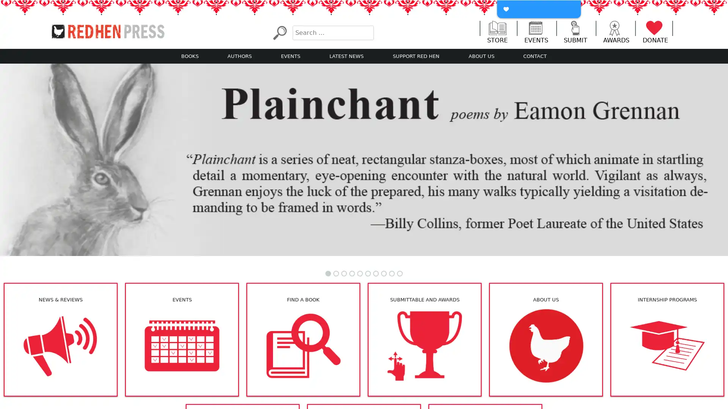  Describe the element at coordinates (279, 32) in the screenshot. I see `search icon` at that location.